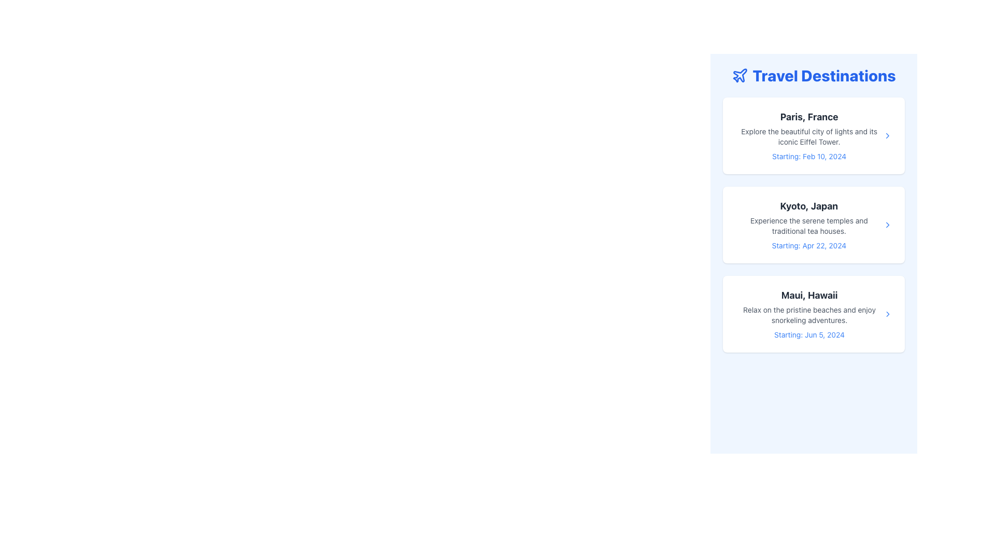 The width and height of the screenshot is (995, 560). Describe the element at coordinates (813, 313) in the screenshot. I see `the travel destination card titled 'Maui, Hawaii', which contains a bold title, a brief description in smaller gray text, and a starting date in blue text, positioned between 'Kyoto, Japan' and the end of the list` at that location.